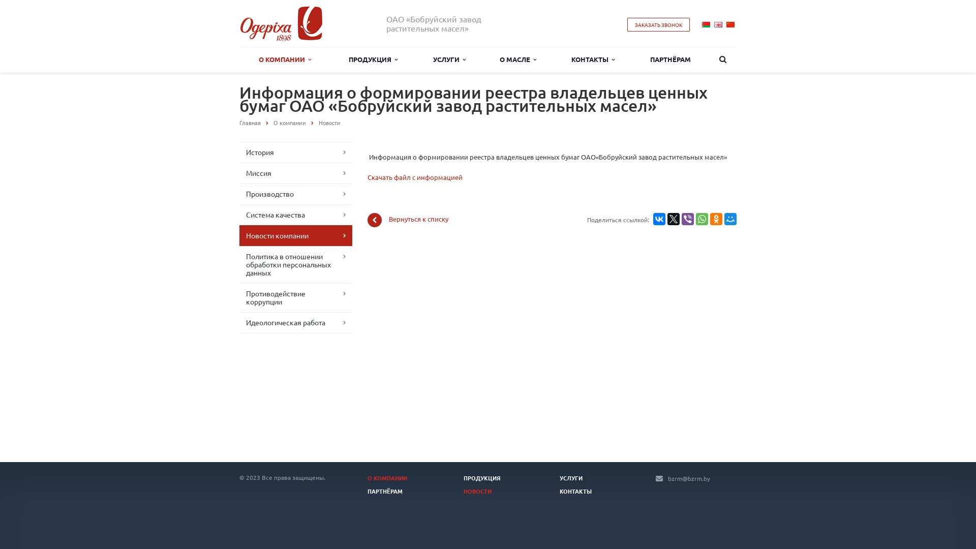 The height and width of the screenshot is (549, 976). Describe the element at coordinates (673, 219) in the screenshot. I see `'Twitter'` at that location.